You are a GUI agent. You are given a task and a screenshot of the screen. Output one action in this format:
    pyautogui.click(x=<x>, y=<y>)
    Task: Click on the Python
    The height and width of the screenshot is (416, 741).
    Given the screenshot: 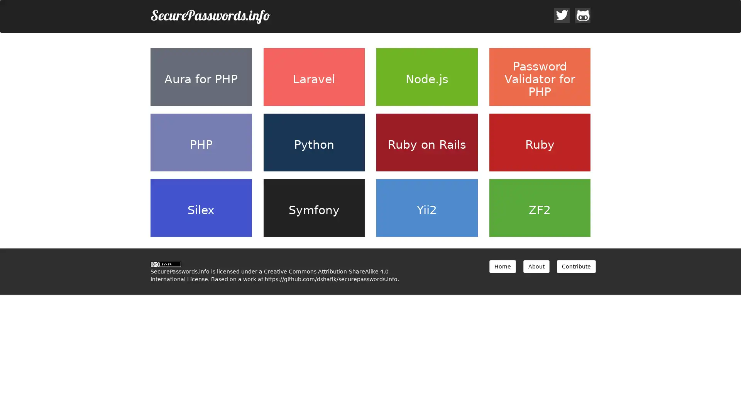 What is the action you would take?
    pyautogui.click(x=314, y=143)
    